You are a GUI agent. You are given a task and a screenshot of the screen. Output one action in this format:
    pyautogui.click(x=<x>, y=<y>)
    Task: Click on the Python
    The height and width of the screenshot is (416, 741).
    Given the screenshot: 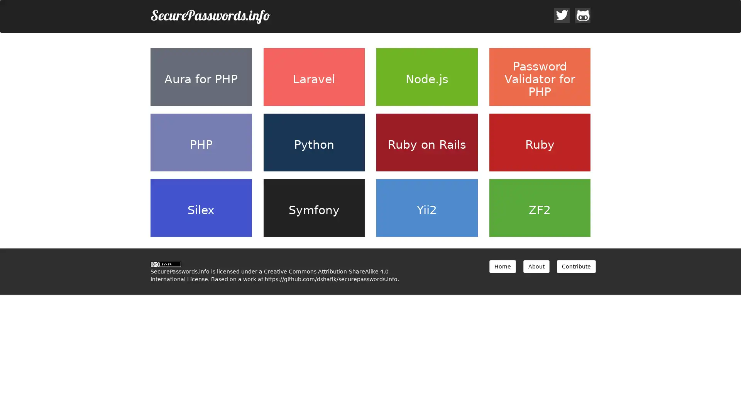 What is the action you would take?
    pyautogui.click(x=314, y=143)
    